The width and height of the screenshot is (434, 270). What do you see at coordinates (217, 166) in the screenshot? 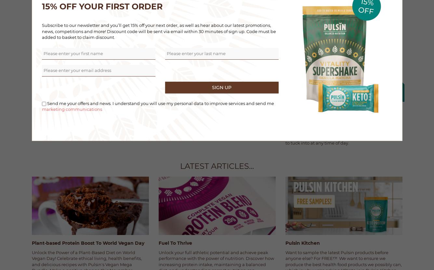
I see `'Latest articles...'` at bounding box center [217, 166].